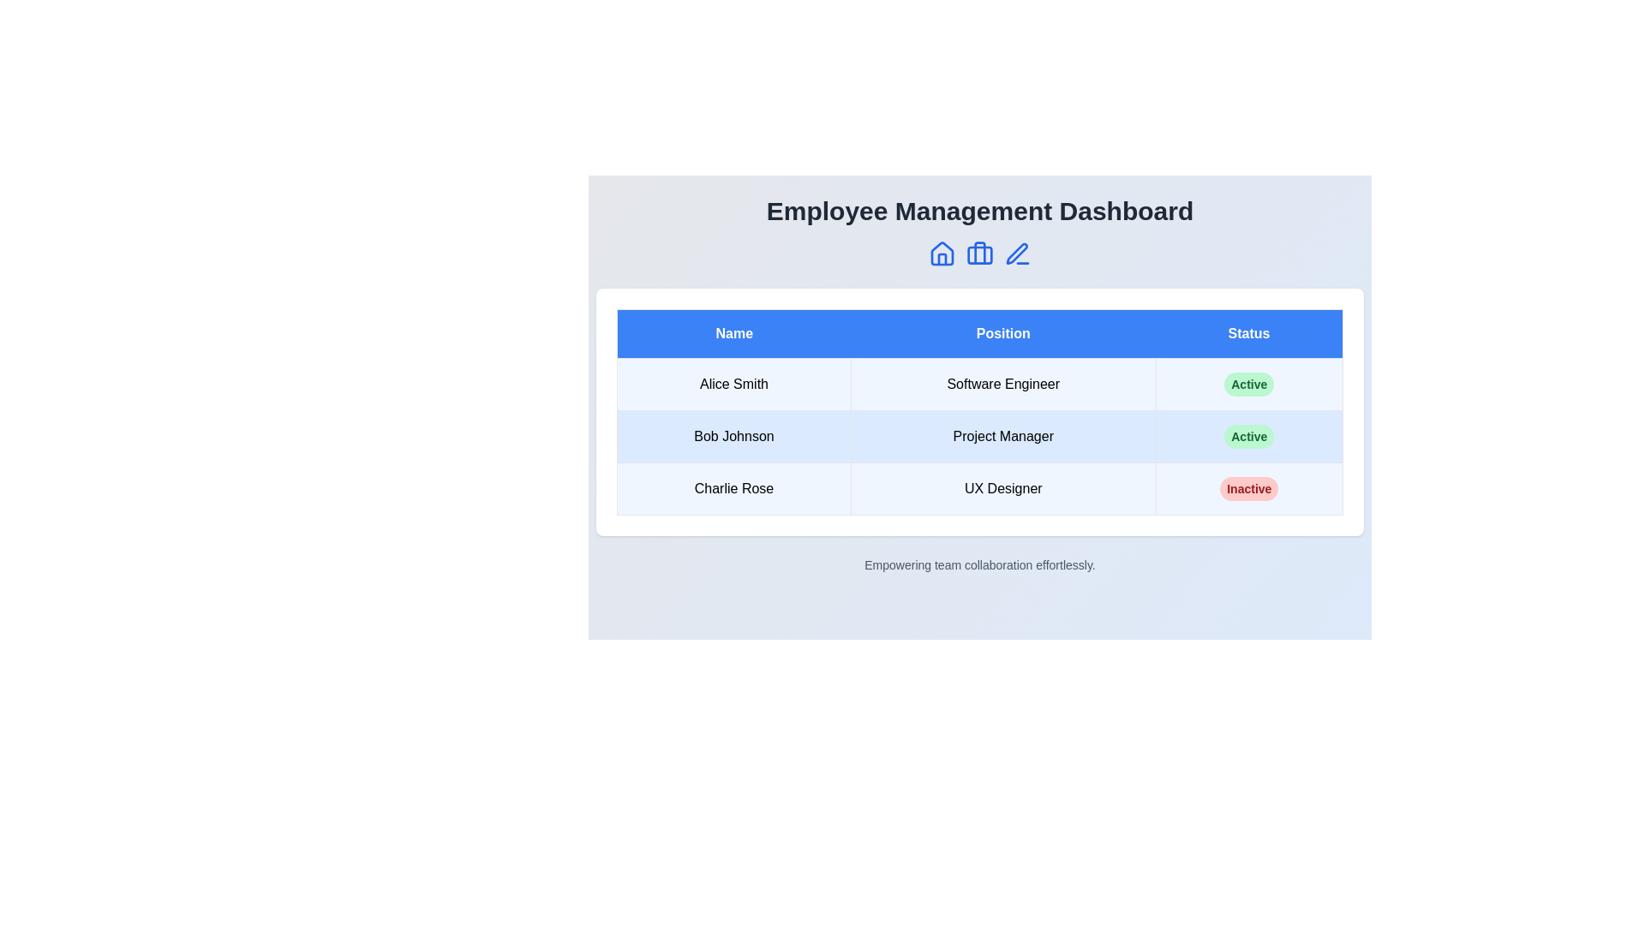 This screenshot has height=925, width=1645. I want to click on the badge element with a green background and the text 'Active' in bold, located in the 'Status' column of the employee data table for Alice Smith, so click(1249, 383).